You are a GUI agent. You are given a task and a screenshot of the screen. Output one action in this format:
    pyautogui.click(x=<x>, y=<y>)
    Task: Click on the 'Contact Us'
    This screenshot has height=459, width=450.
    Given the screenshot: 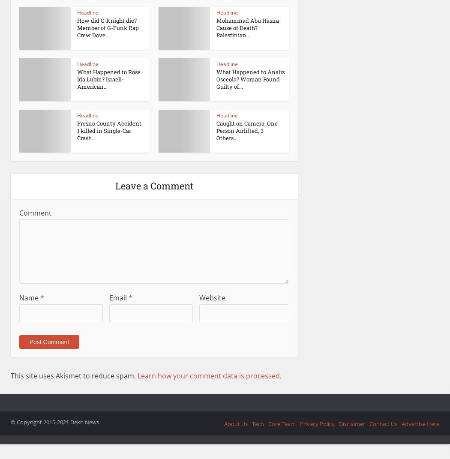 What is the action you would take?
    pyautogui.click(x=383, y=423)
    